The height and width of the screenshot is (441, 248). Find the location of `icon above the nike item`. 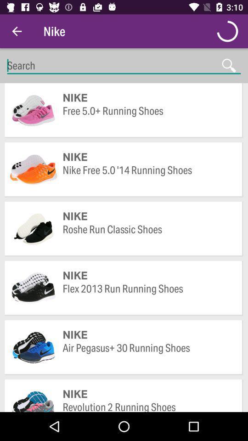

icon above the nike item is located at coordinates (148, 295).